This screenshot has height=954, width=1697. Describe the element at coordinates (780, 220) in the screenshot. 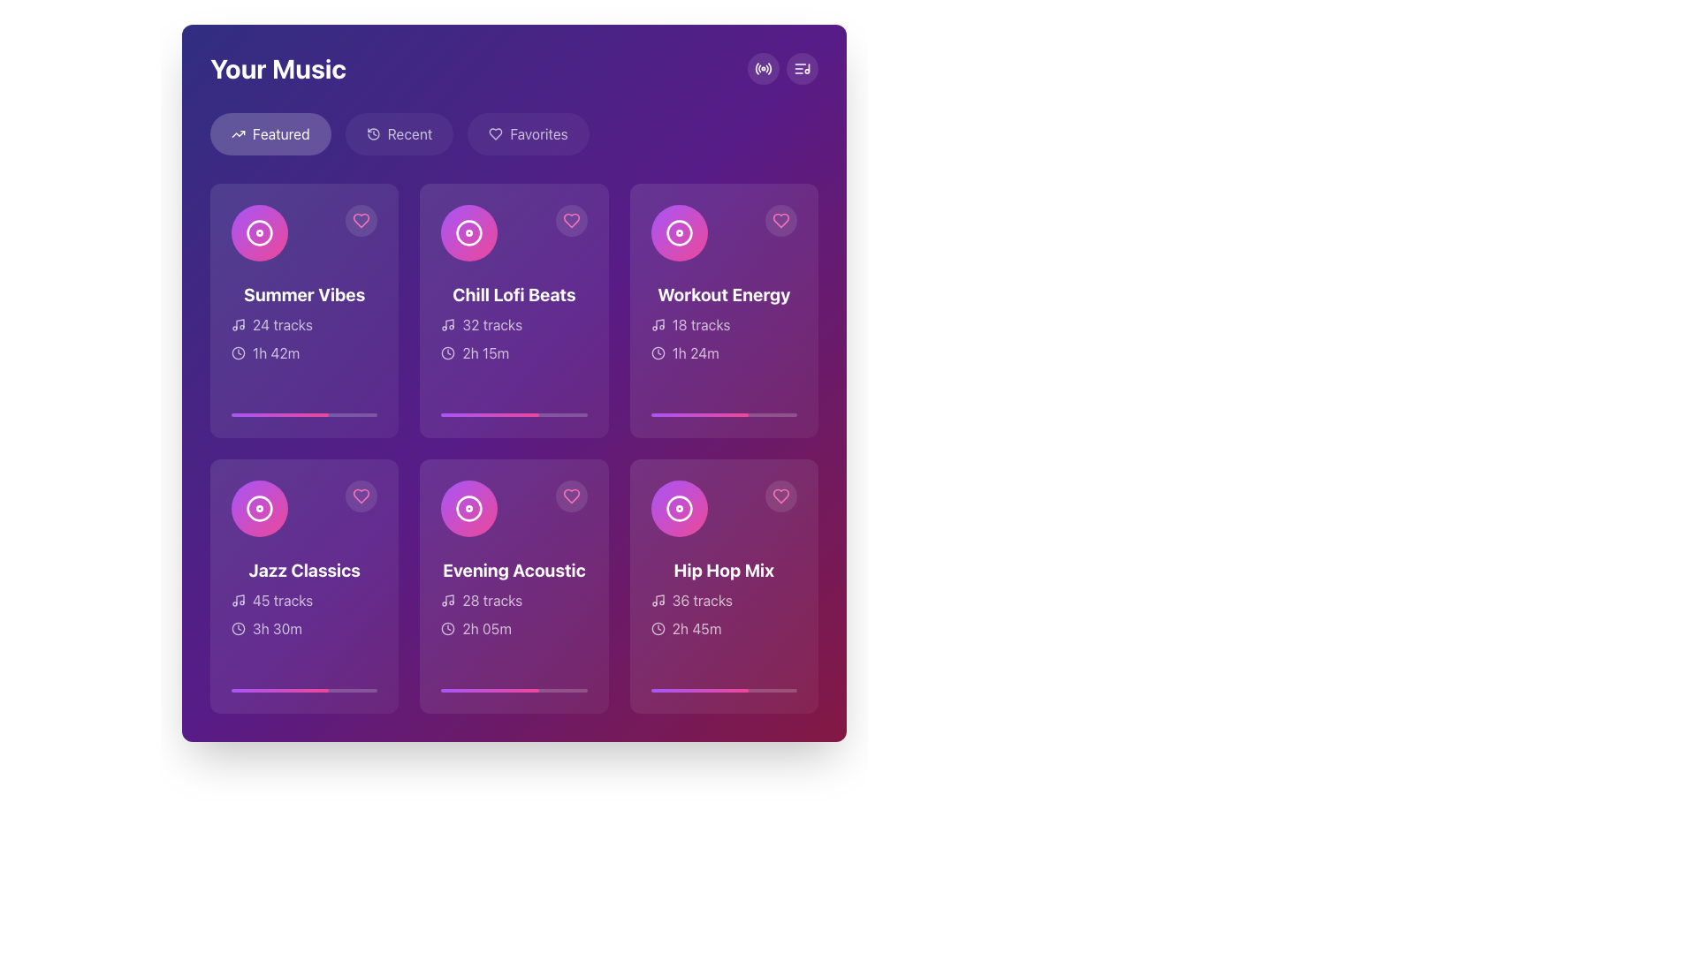

I see `the heart-shaped button with a pink outline located at the top-right corner of the 'Workout Energy' card in the 'Your Music' interface` at that location.